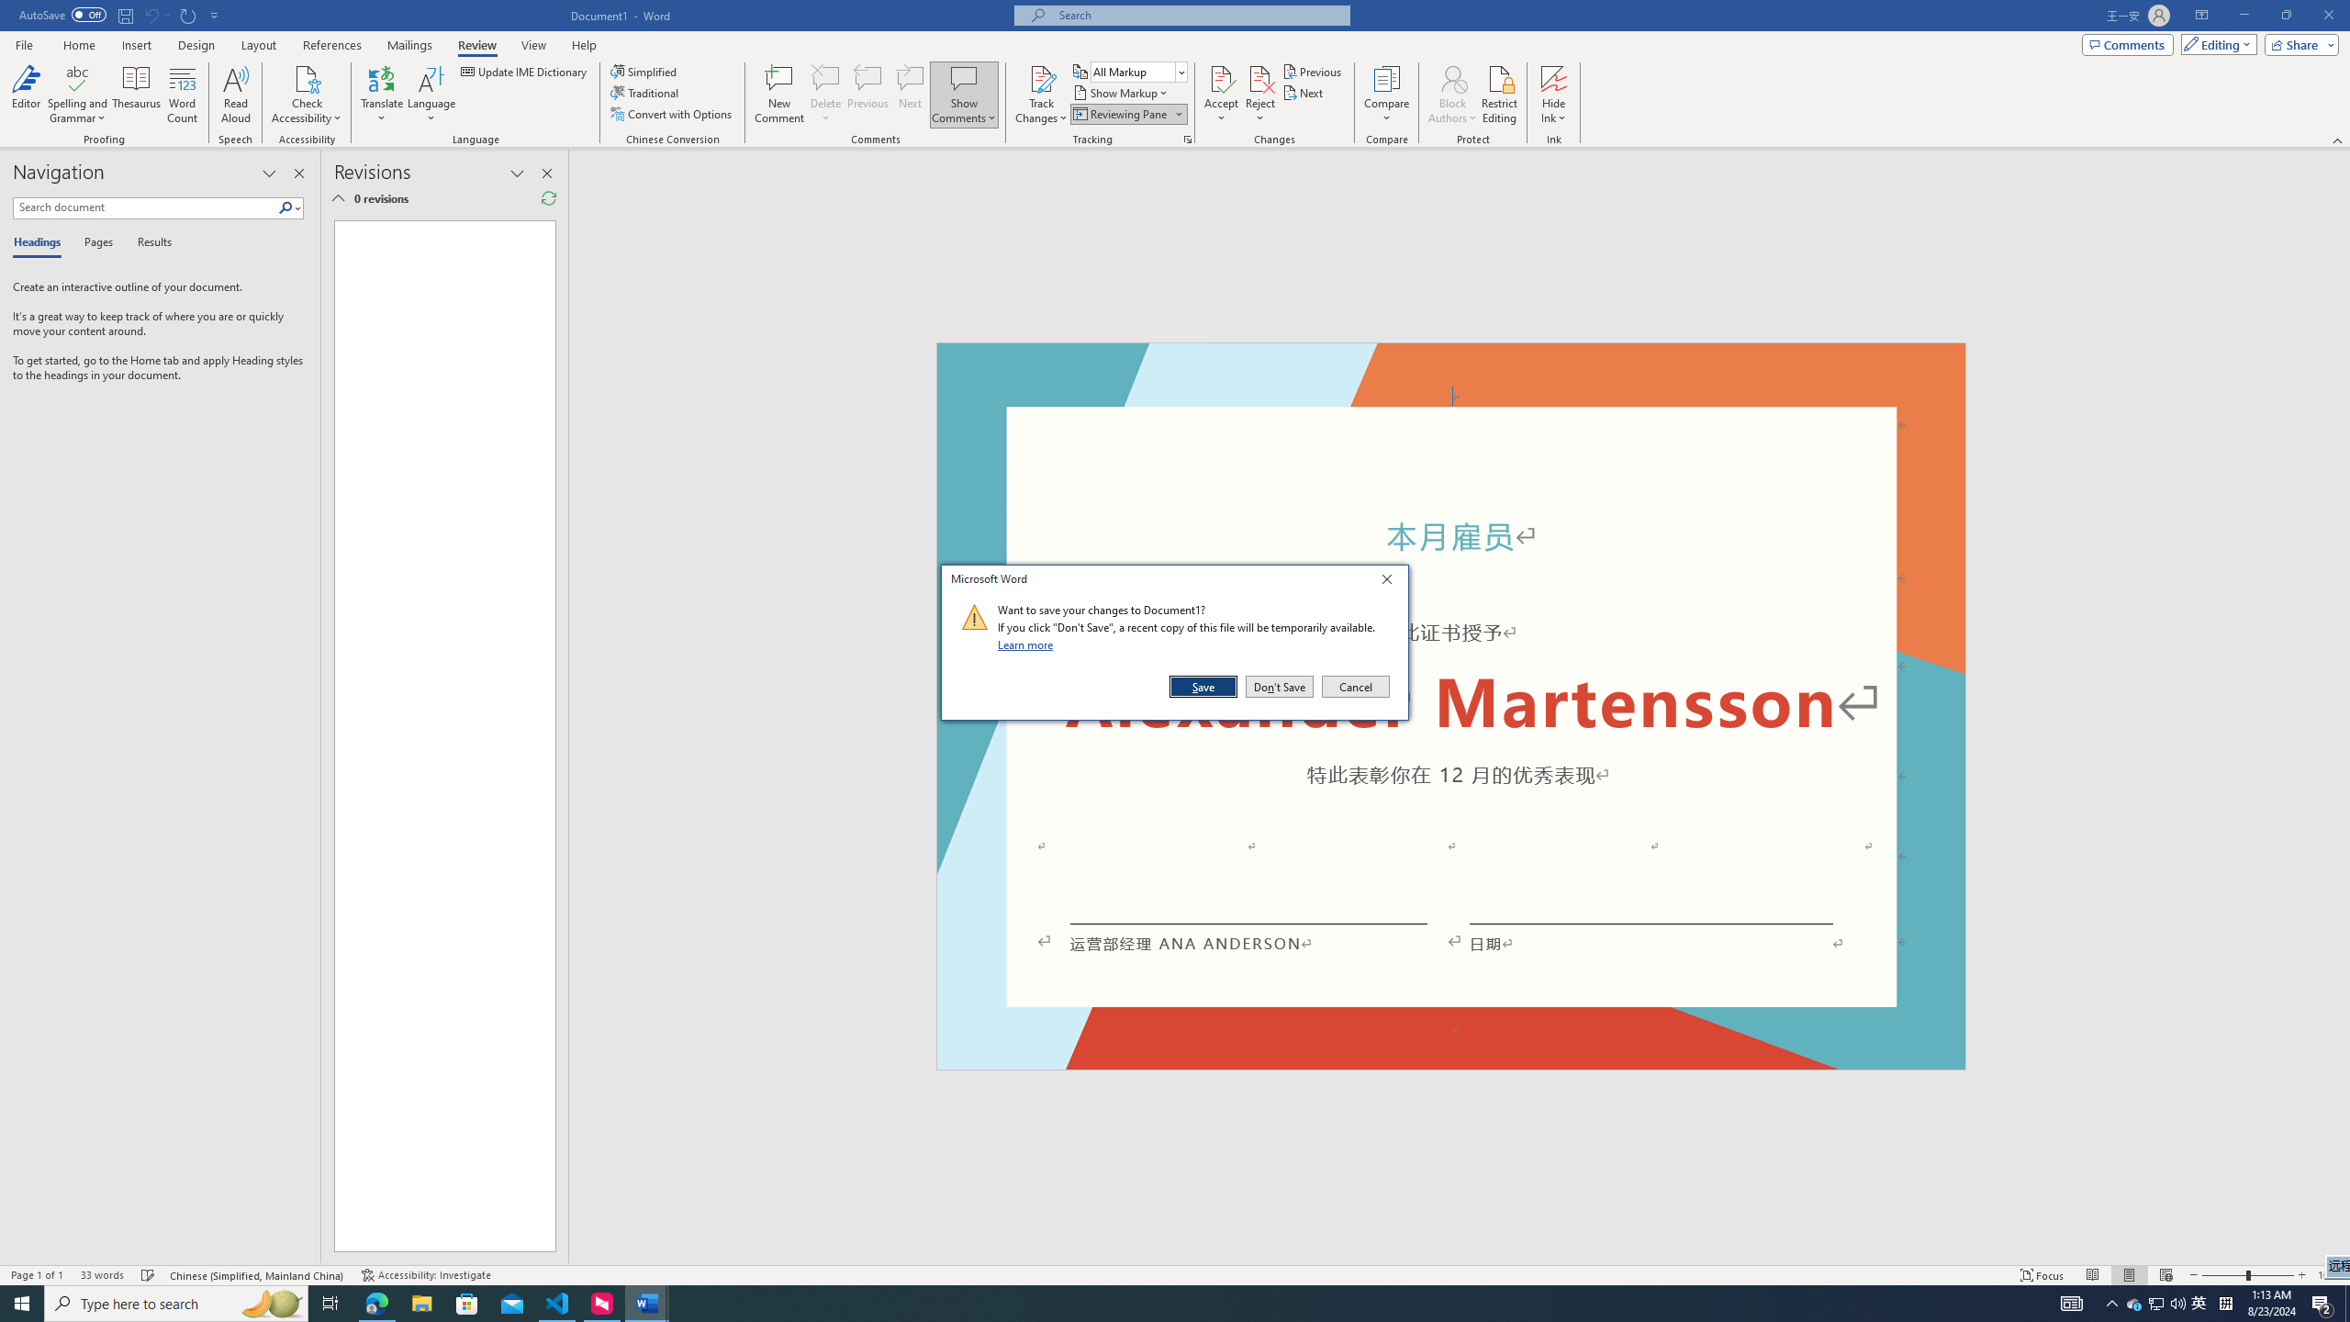 The width and height of the screenshot is (2350, 1322). What do you see at coordinates (646, 71) in the screenshot?
I see `'Simplified'` at bounding box center [646, 71].